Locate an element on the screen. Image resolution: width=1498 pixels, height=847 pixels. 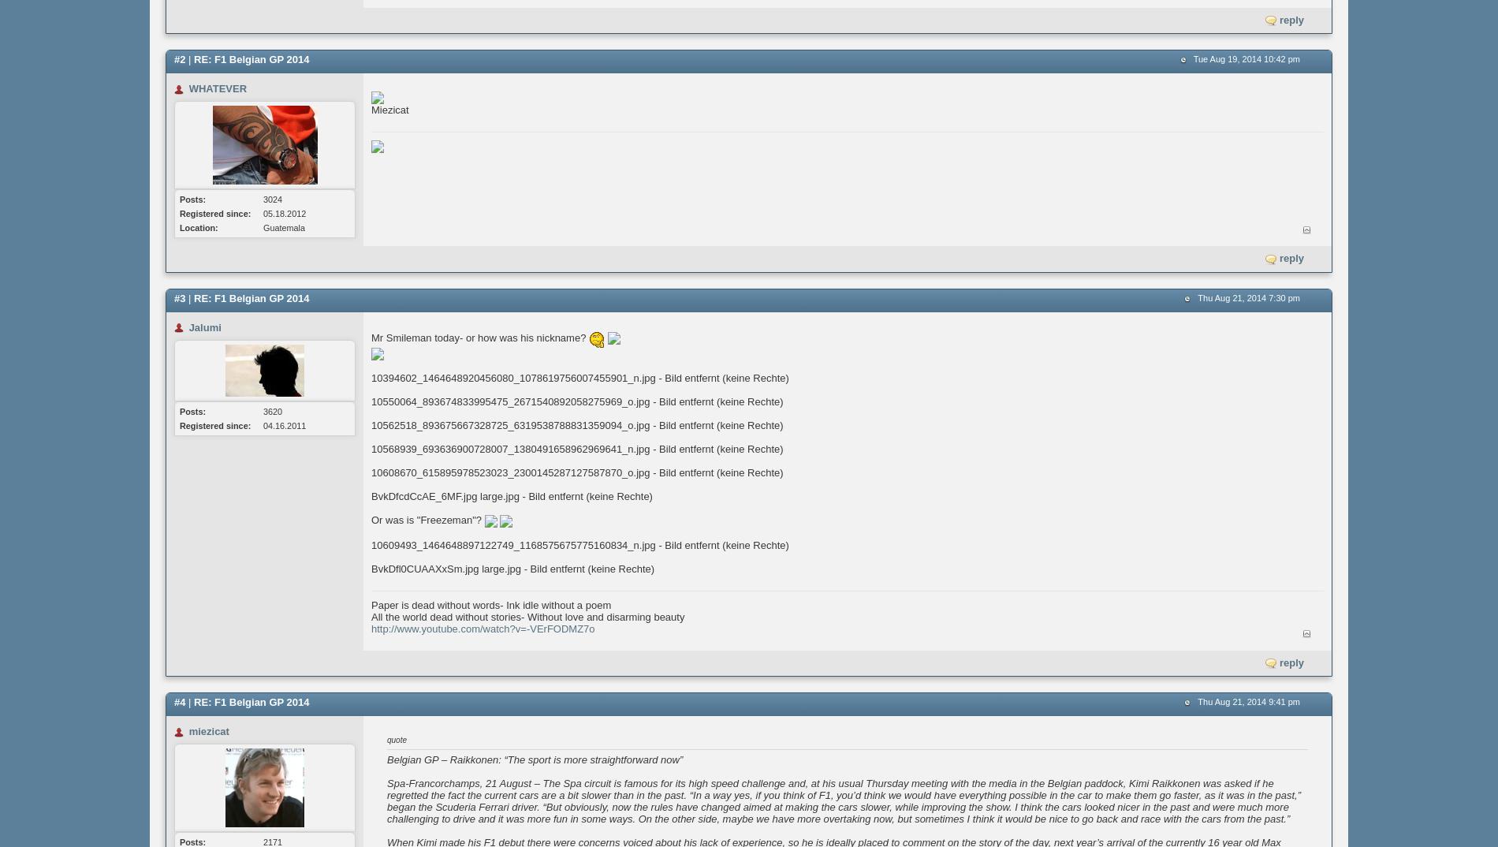
'10608670_615895978523023_2300145287127587870_o.jpg - Bild entfernt (keine Rechte)' is located at coordinates (576, 472).